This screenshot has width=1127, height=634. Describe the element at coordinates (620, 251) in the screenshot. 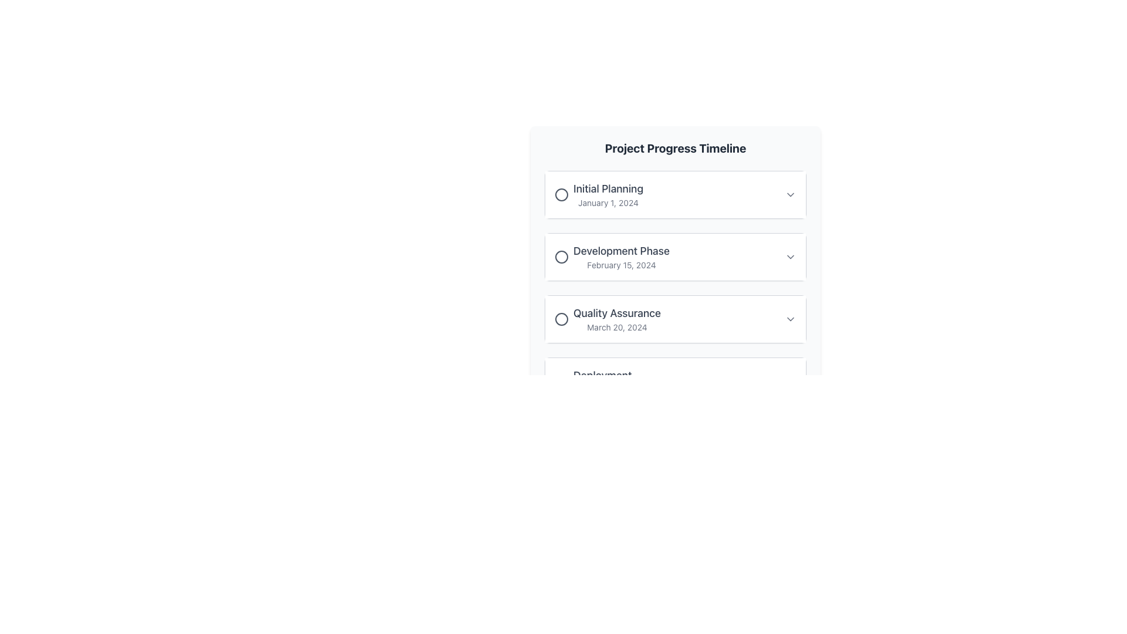

I see `the Text label that describes the current or upcoming project stage in the project timeline, located above the 'February 15, 2024' date text` at that location.